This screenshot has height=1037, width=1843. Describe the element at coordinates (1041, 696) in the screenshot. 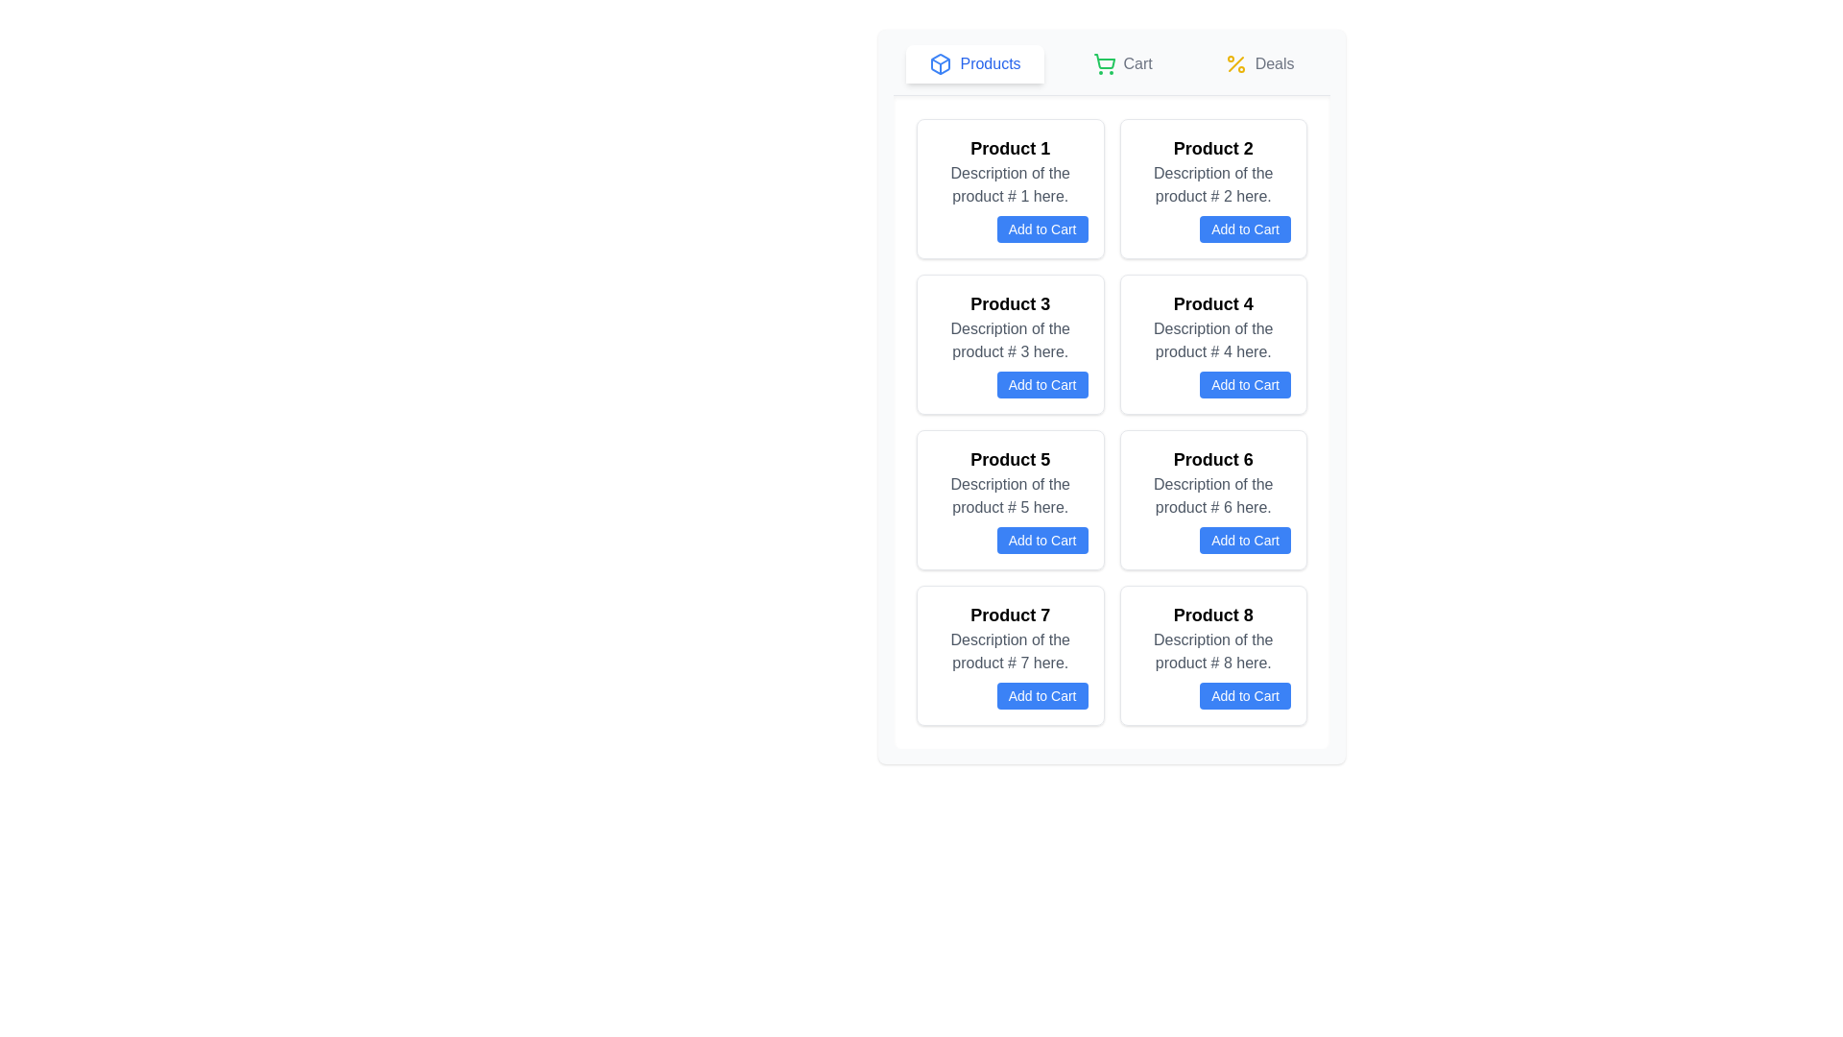

I see `the 'Add to Cart' button with blue background and white text, located below the description of Product 7` at that location.